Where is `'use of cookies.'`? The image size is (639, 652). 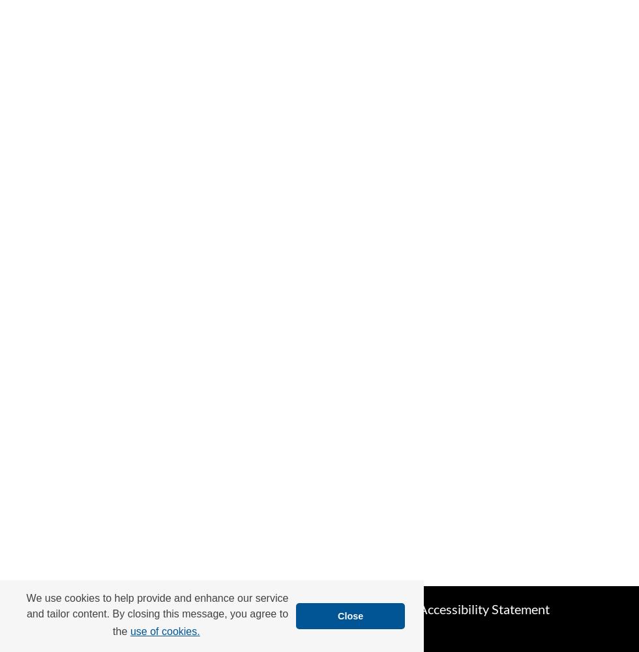
'use of cookies.' is located at coordinates (164, 630).